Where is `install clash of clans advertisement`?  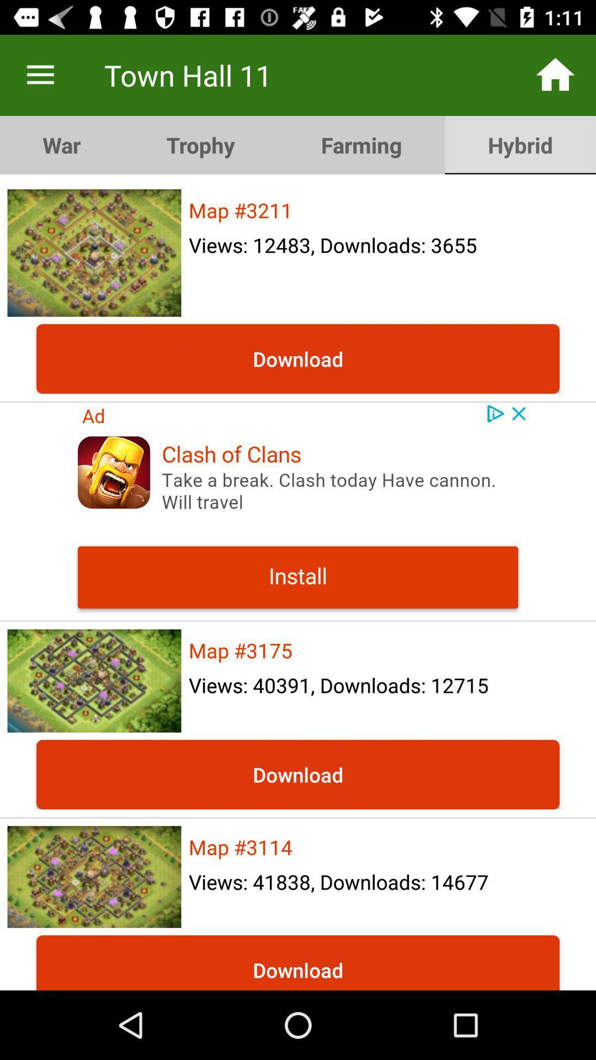
install clash of clans advertisement is located at coordinates (298, 511).